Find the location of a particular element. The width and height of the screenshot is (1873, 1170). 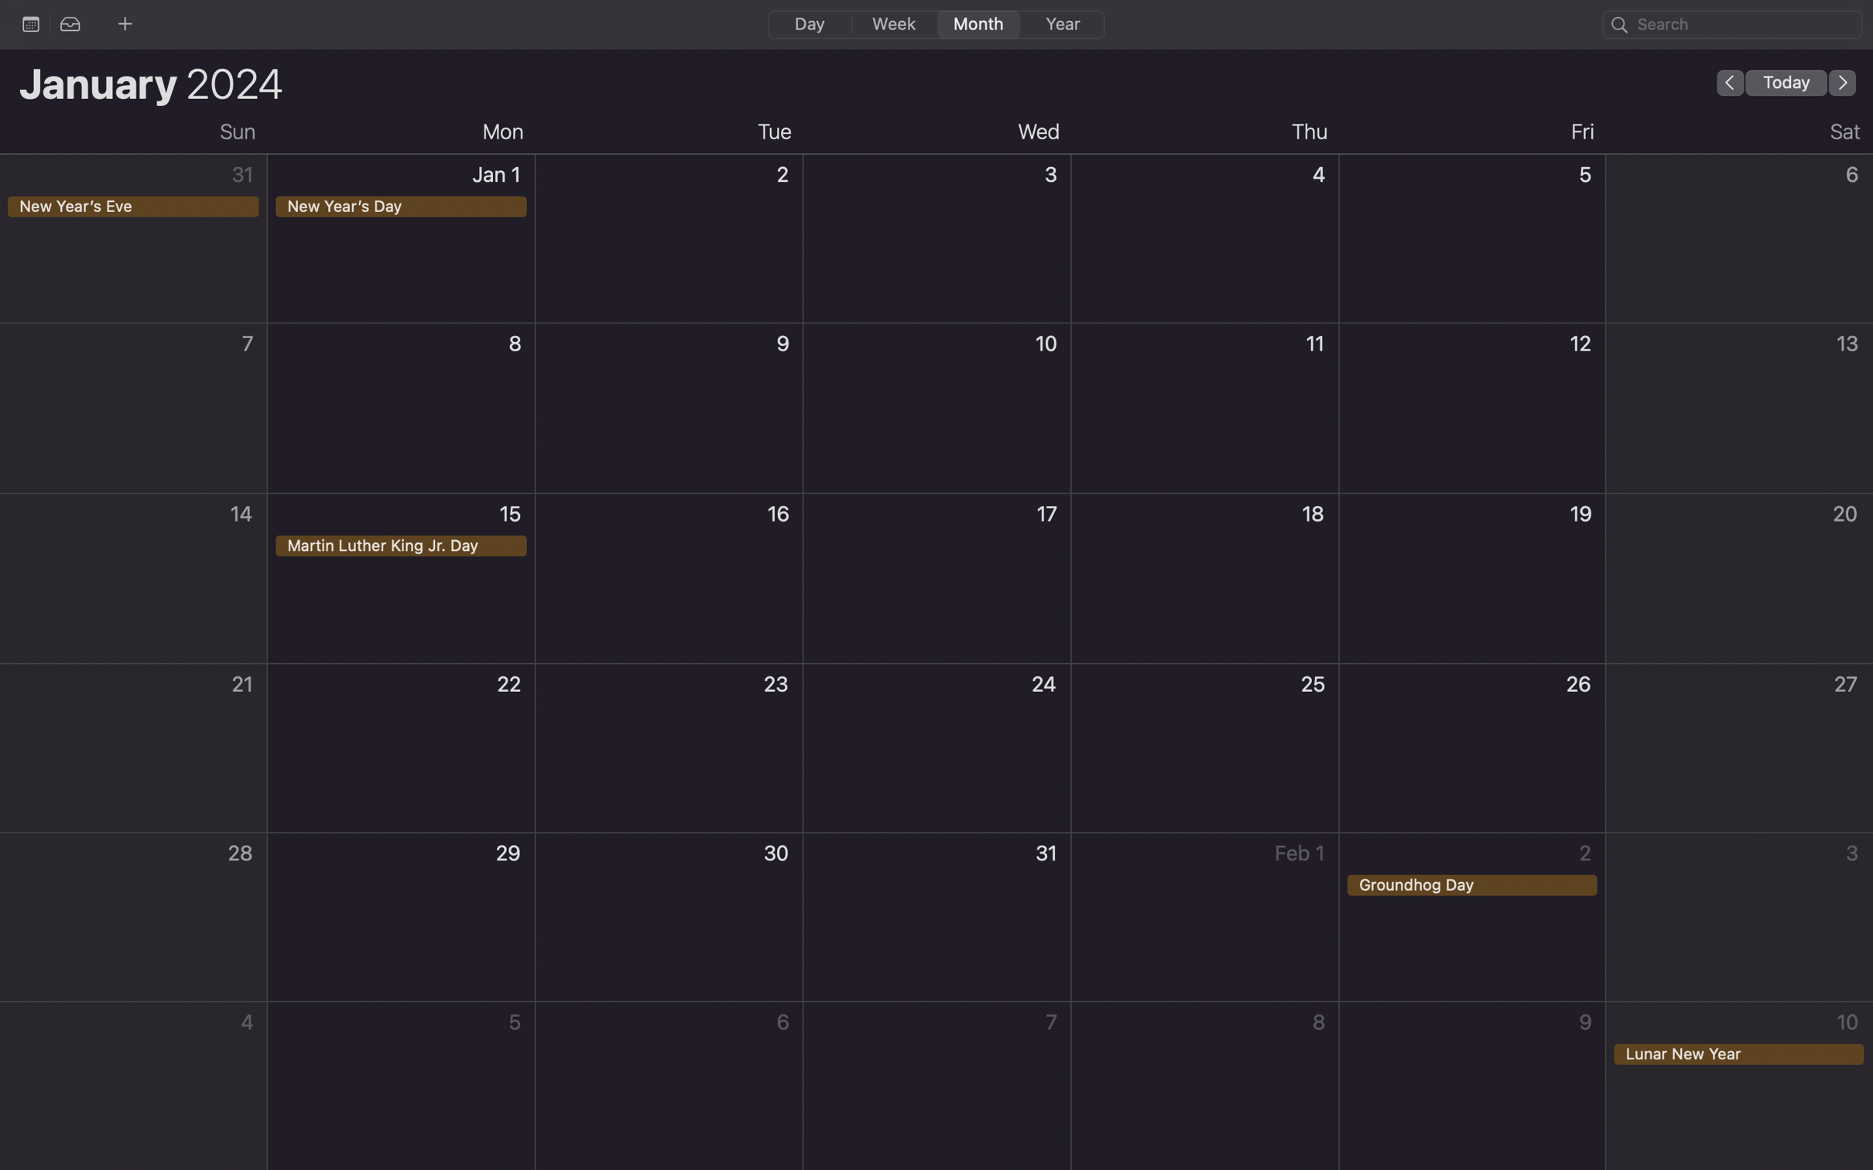

Switch to the following month in the calendar is located at coordinates (1843, 81).